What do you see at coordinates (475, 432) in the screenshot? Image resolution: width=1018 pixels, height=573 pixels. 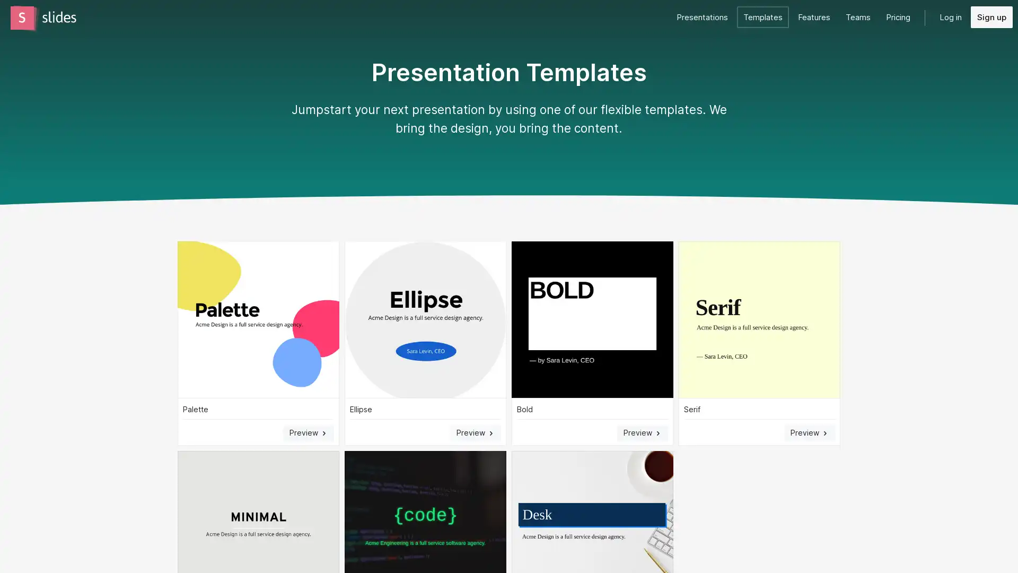 I see `Preview` at bounding box center [475, 432].